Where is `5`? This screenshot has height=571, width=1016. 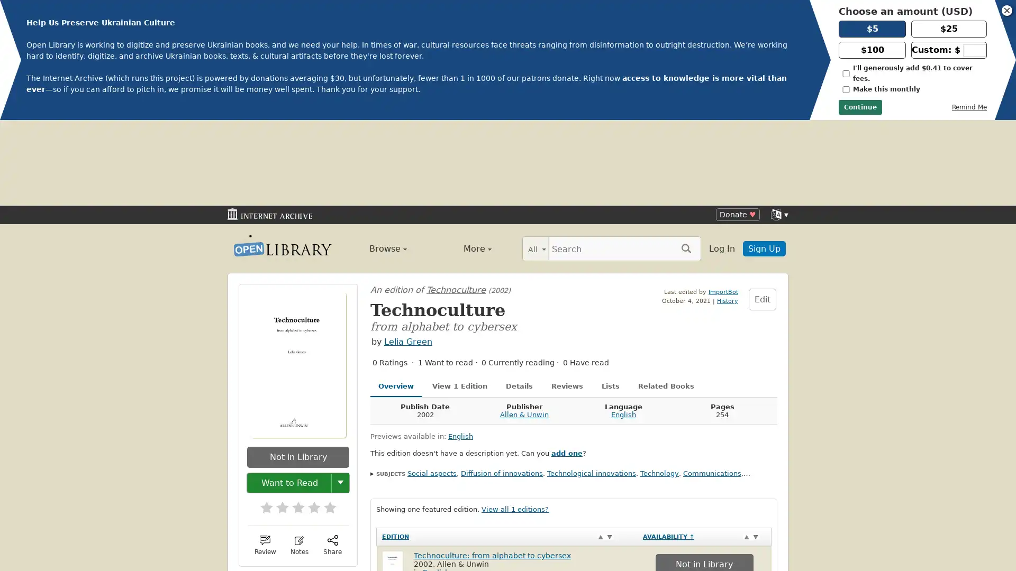 5 is located at coordinates (324, 418).